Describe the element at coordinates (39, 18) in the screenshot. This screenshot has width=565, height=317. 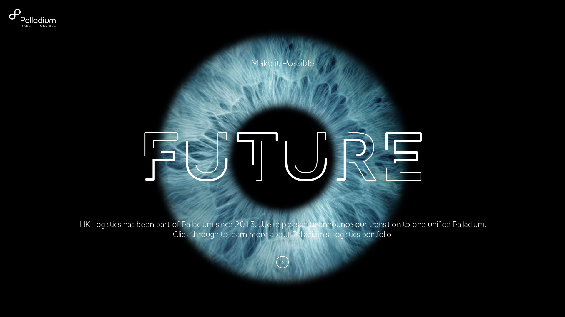
I see `'Palladium - Make it possible'` at that location.